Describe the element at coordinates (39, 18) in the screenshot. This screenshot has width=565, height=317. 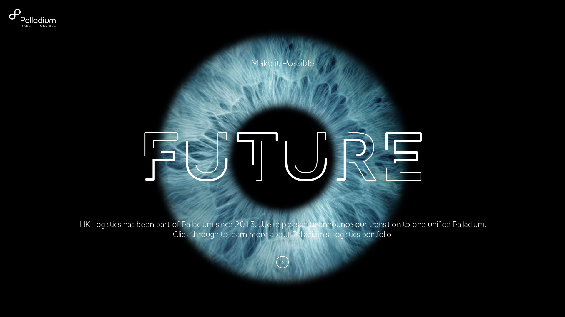
I see `'Palladium - Make it possible'` at that location.